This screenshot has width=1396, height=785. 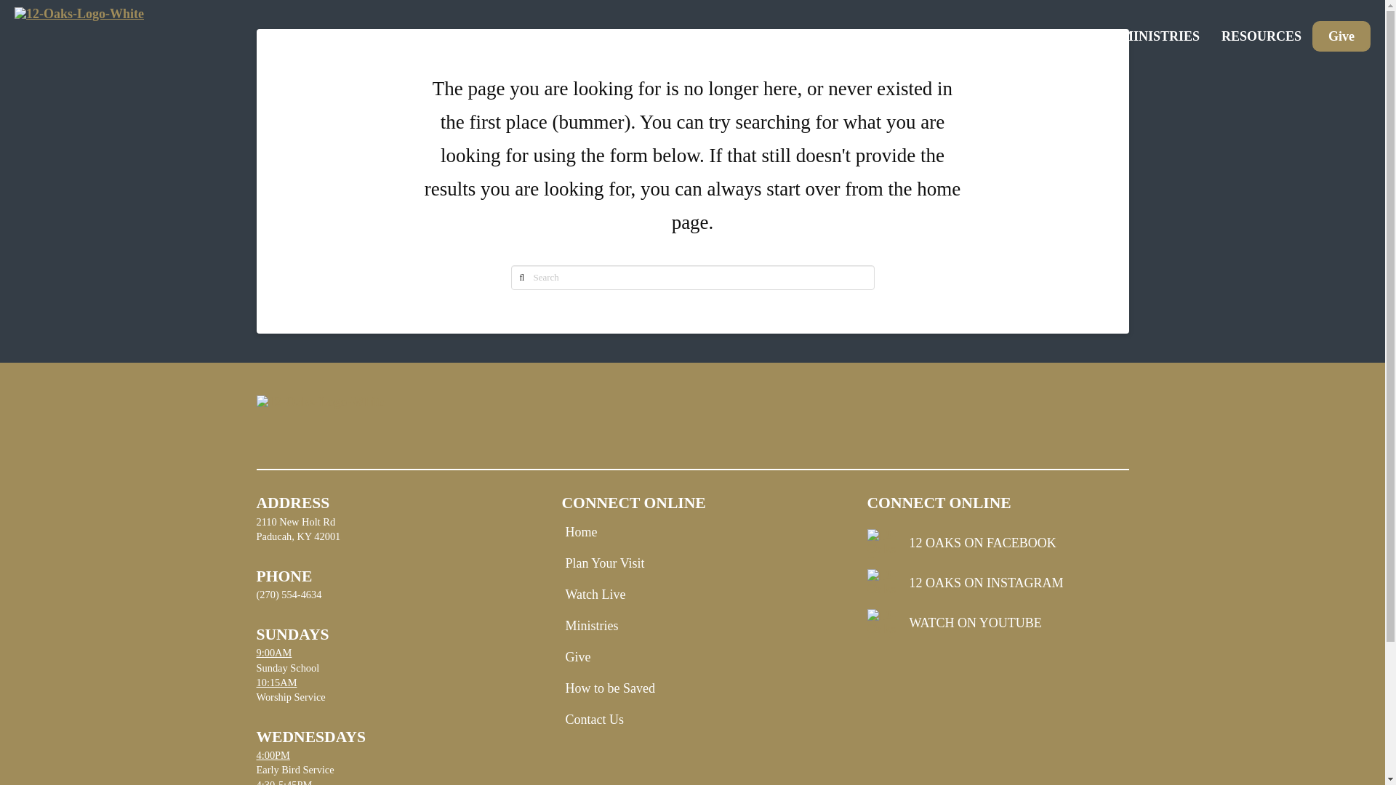 What do you see at coordinates (997, 582) in the screenshot?
I see `'12 OAKS ON INSTAGRAM'` at bounding box center [997, 582].